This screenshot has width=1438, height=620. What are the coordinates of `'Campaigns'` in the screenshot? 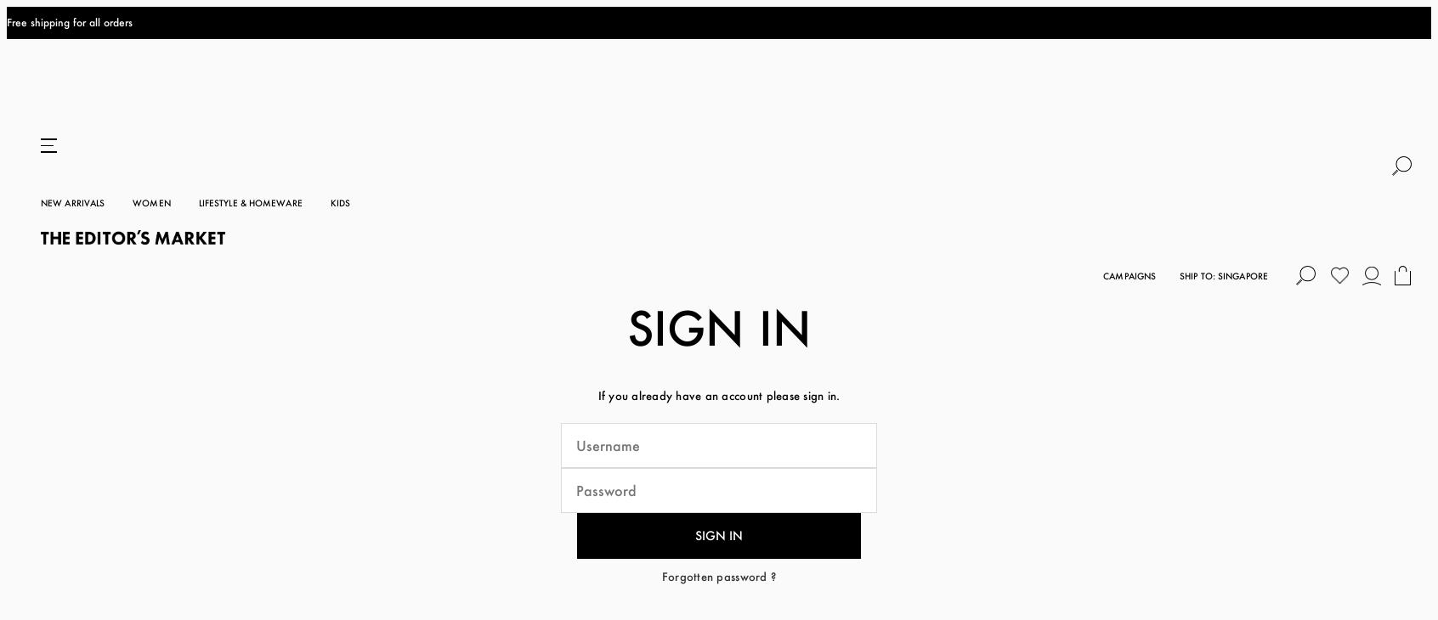 It's located at (1101, 139).